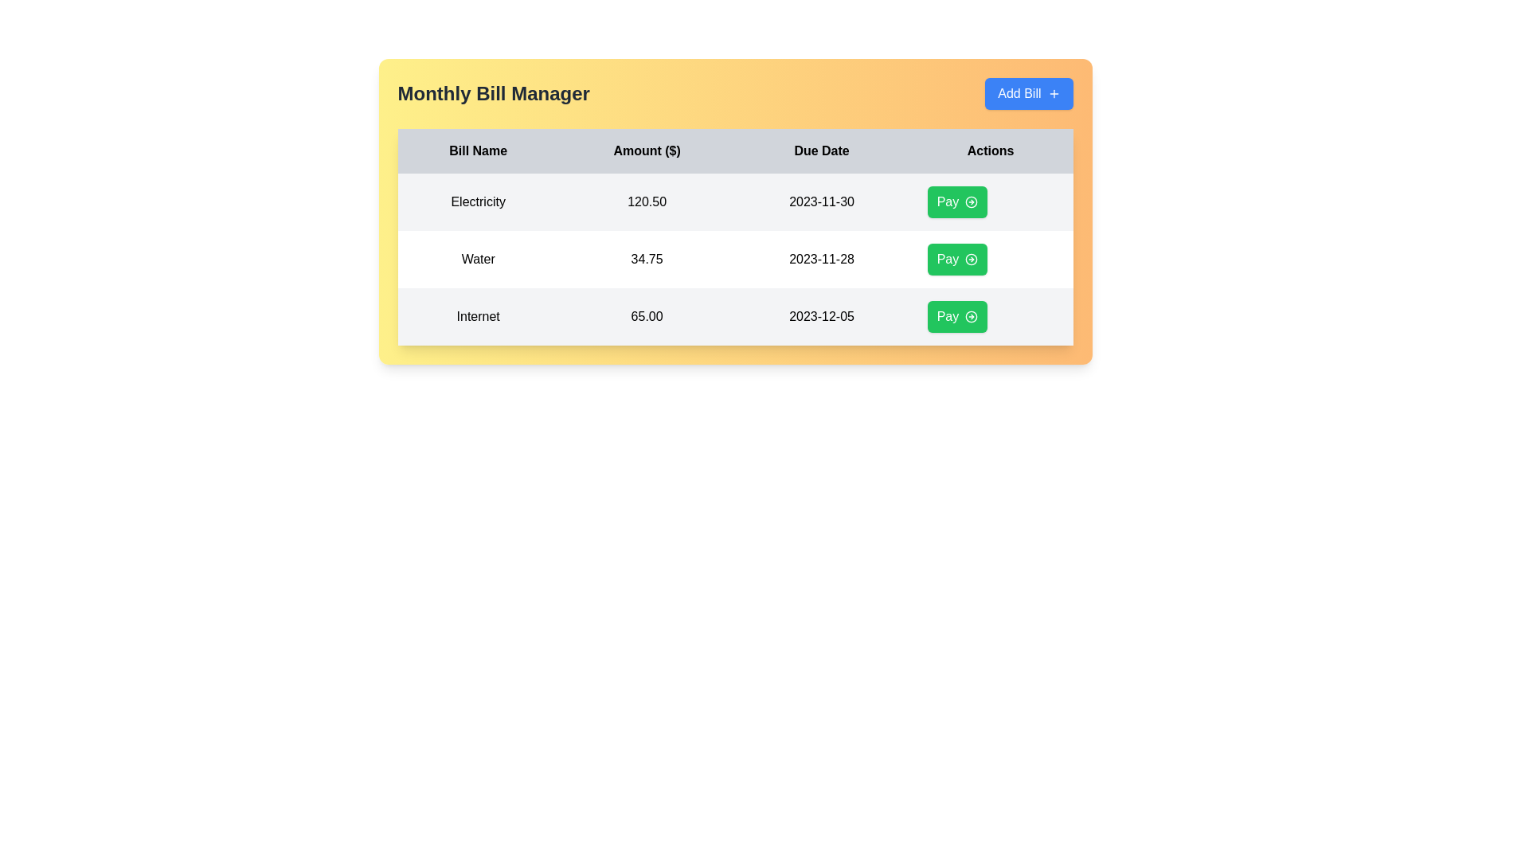  What do you see at coordinates (647, 259) in the screenshot?
I see `the text element displaying the value '34.75' in the 'Amount ($)' column of the table for the 'Water' bill entry` at bounding box center [647, 259].